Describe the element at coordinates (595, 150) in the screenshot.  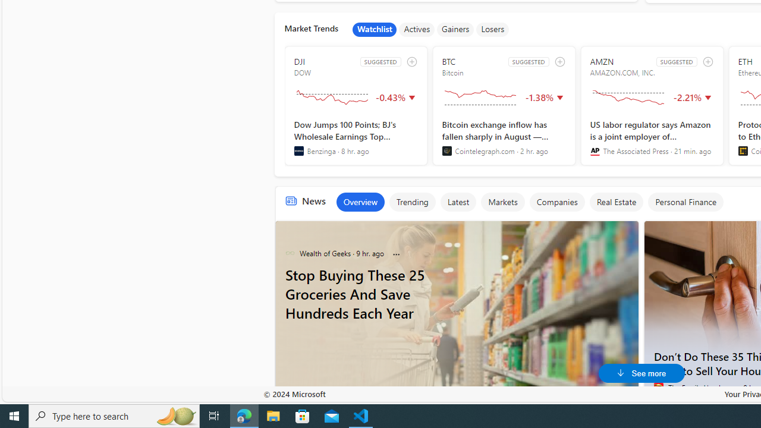
I see `'The Associated Press'` at that location.